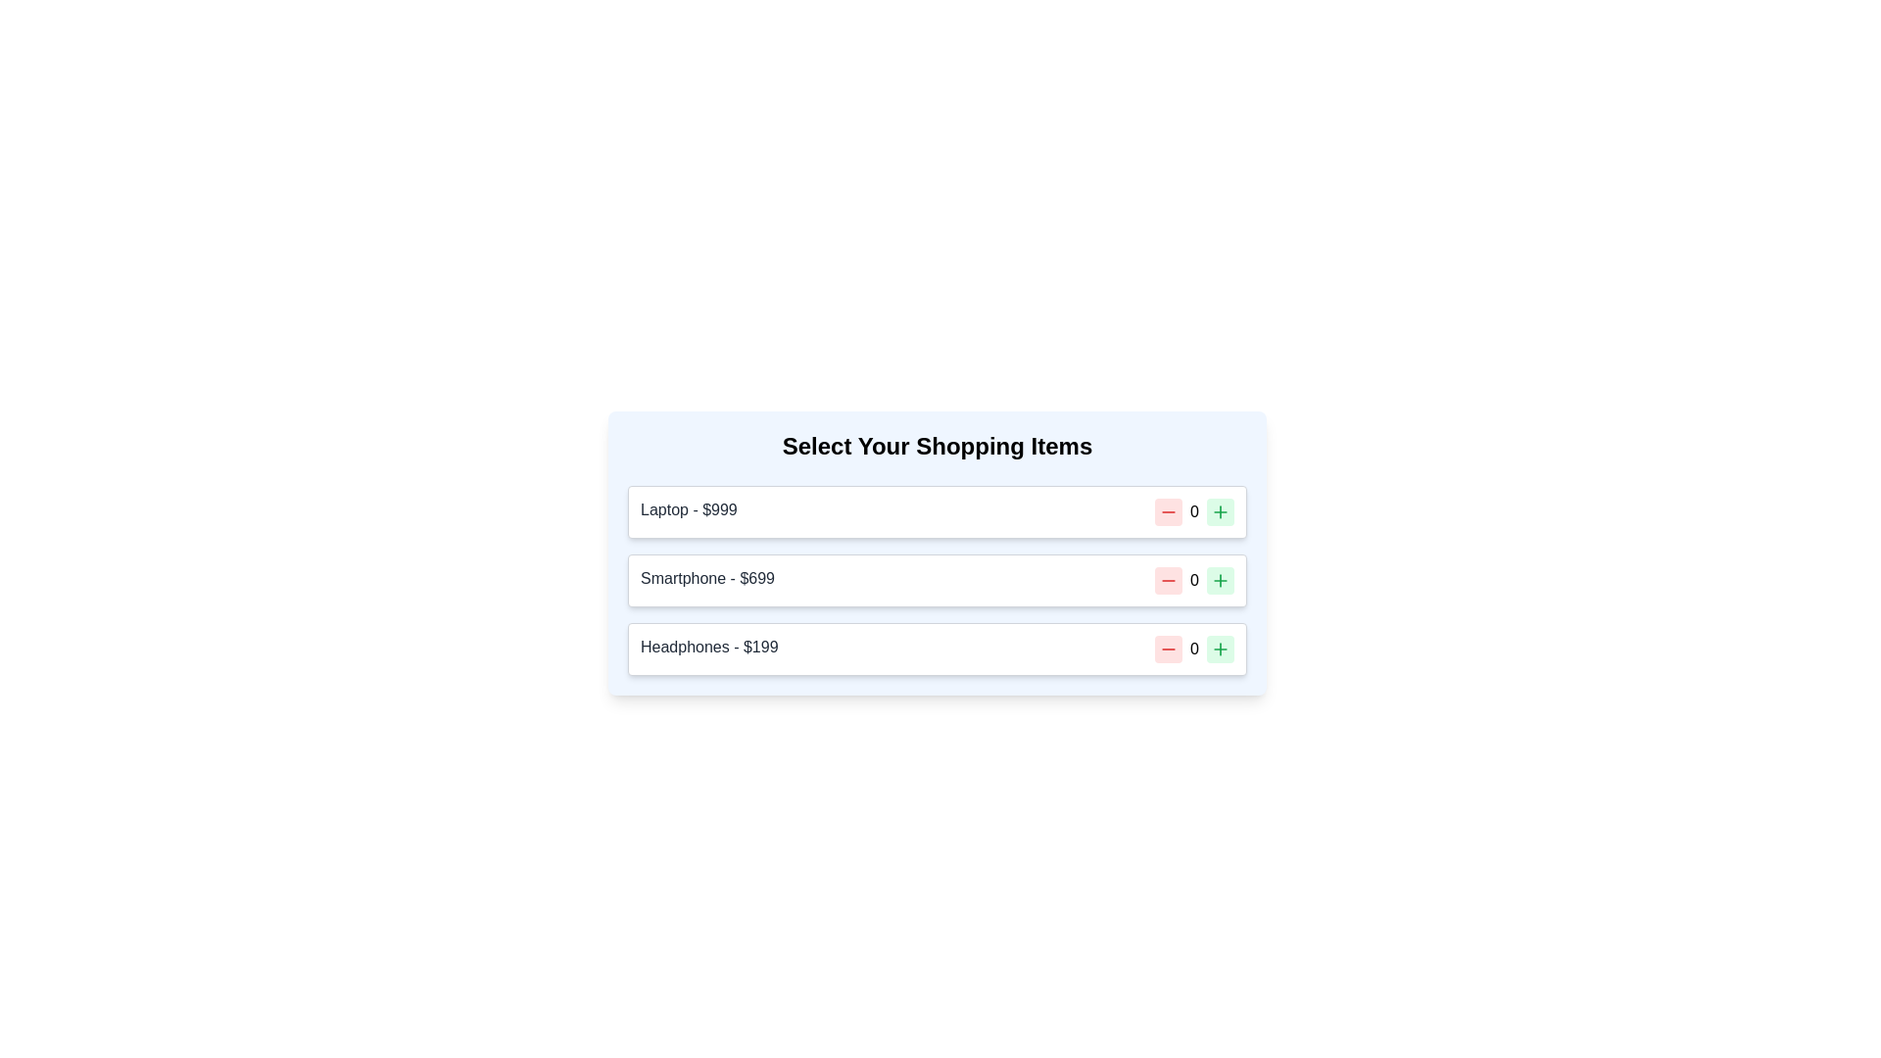 Image resolution: width=1881 pixels, height=1058 pixels. What do you see at coordinates (1169, 649) in the screenshot?
I see `the decrement button for the 'Headphones' item` at bounding box center [1169, 649].